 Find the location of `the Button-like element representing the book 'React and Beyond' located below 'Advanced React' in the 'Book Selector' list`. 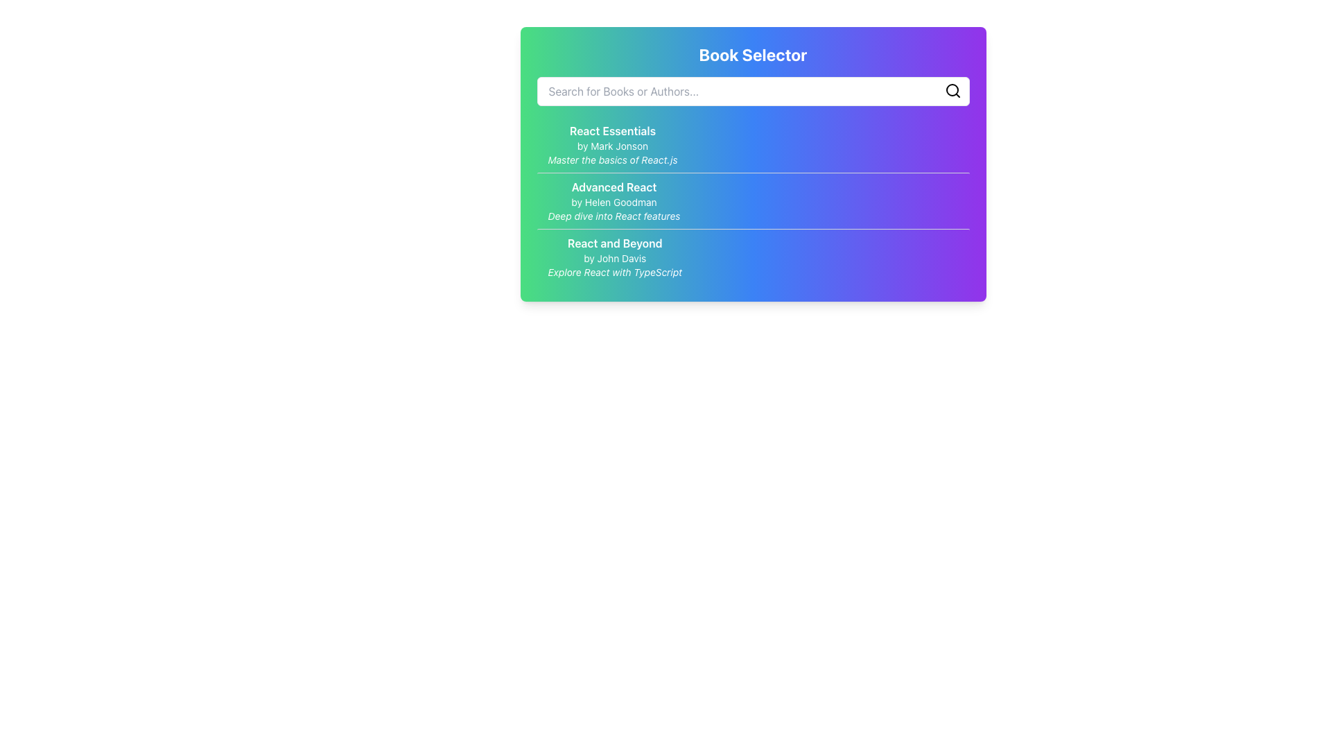

the Button-like element representing the book 'React and Beyond' located below 'Advanced React' in the 'Book Selector' list is located at coordinates (752, 257).